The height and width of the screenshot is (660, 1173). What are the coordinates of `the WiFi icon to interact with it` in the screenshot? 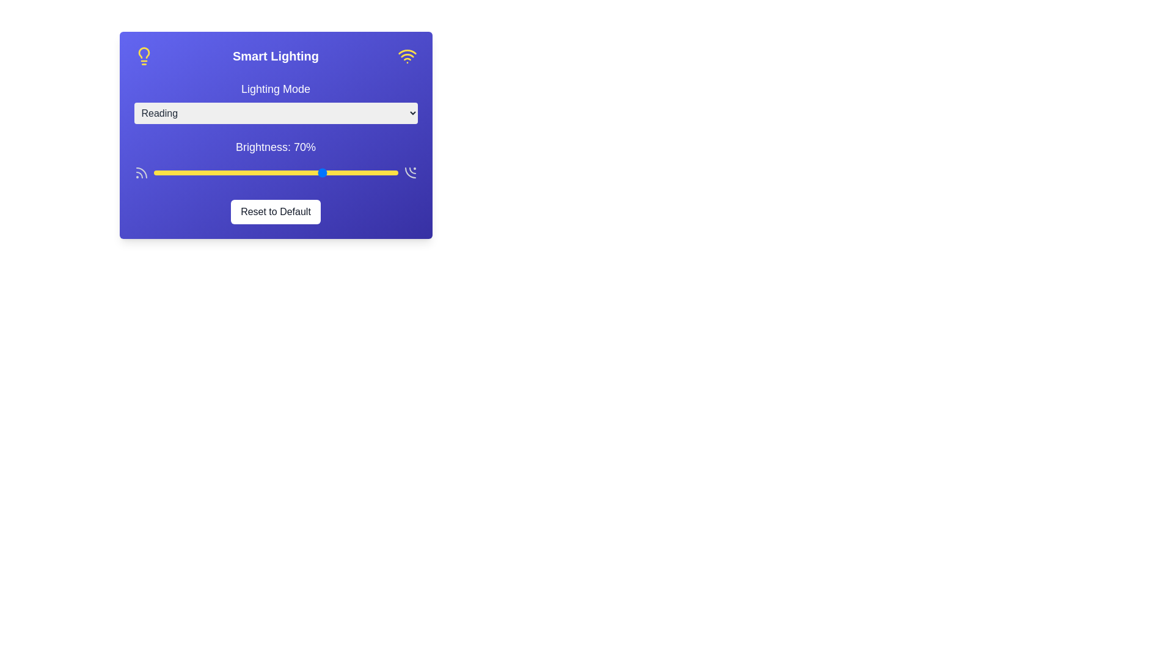 It's located at (407, 56).